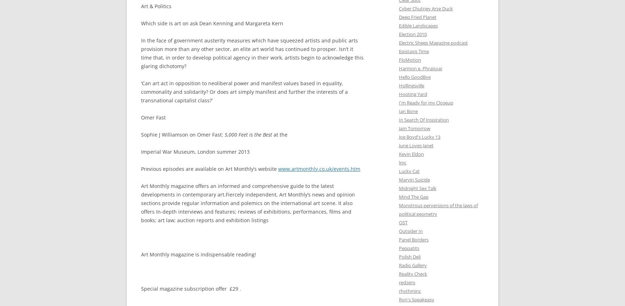 This screenshot has width=625, height=306. I want to click on 'Art & Politics', so click(156, 6).